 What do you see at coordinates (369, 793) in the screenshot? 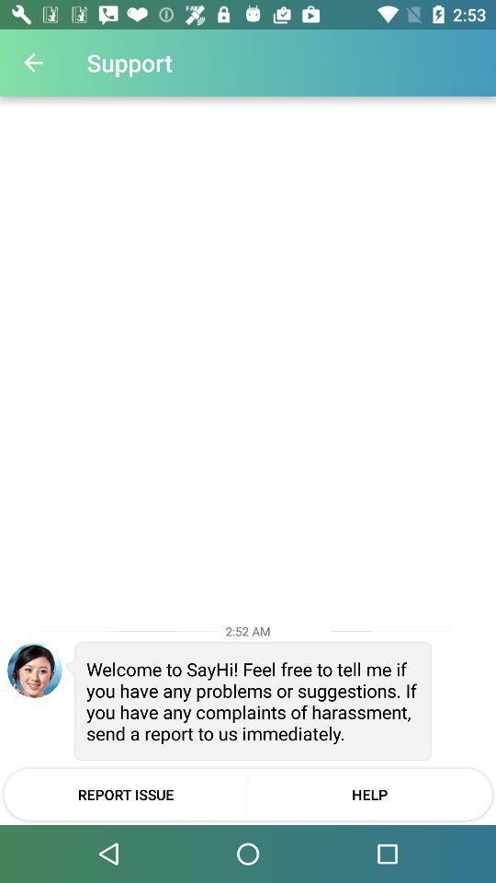
I see `the icon next to report issue icon` at bounding box center [369, 793].